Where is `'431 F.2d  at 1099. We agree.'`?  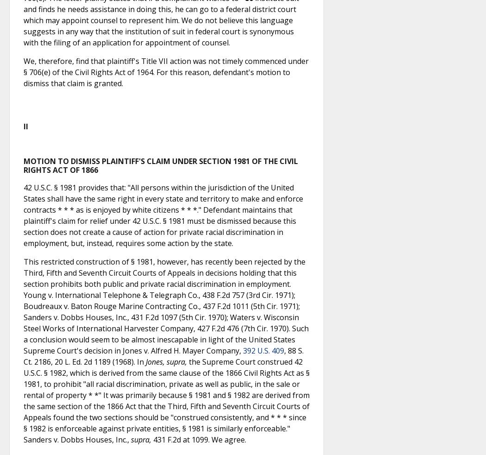 '431 F.2d  at 1099. We agree.' is located at coordinates (151, 440).